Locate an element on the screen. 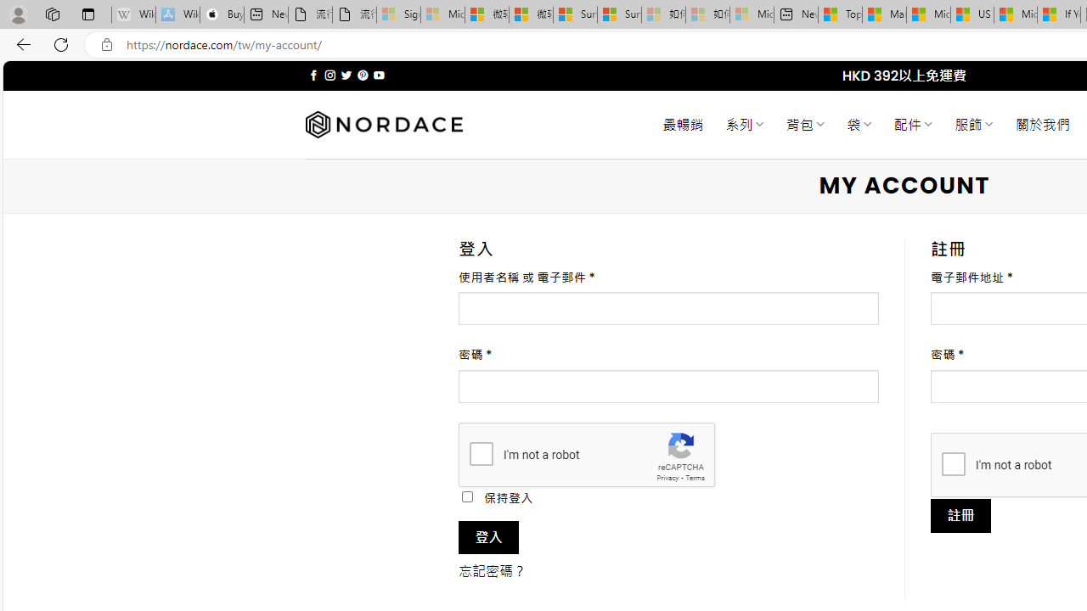  'Follow on Twitter' is located at coordinates (345, 75).